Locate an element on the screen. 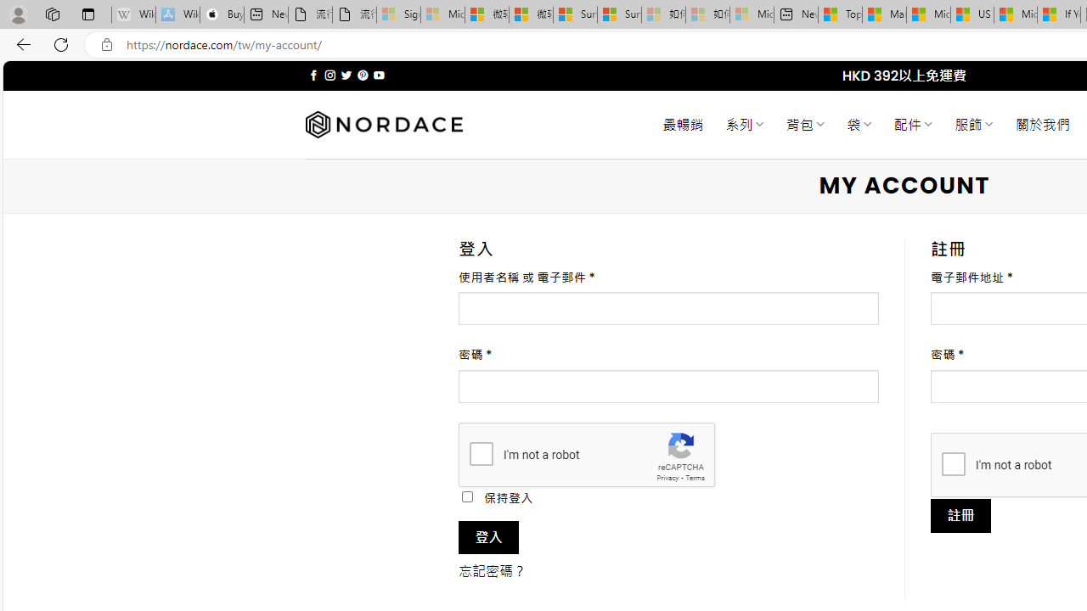  'Follow on Twitter' is located at coordinates (345, 75).